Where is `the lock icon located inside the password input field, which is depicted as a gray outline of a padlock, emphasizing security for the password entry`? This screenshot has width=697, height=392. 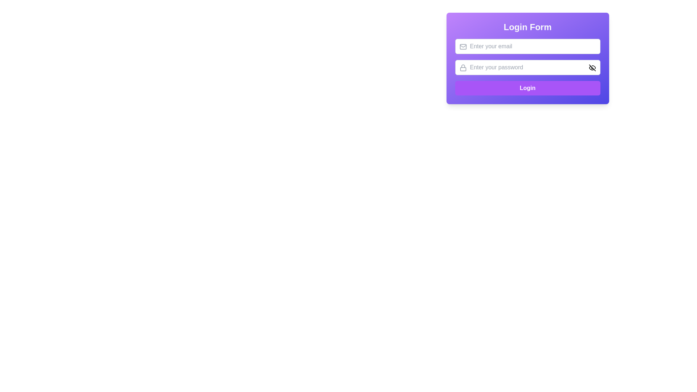
the lock icon located inside the password input field, which is depicted as a gray outline of a padlock, emphasizing security for the password entry is located at coordinates (462, 68).